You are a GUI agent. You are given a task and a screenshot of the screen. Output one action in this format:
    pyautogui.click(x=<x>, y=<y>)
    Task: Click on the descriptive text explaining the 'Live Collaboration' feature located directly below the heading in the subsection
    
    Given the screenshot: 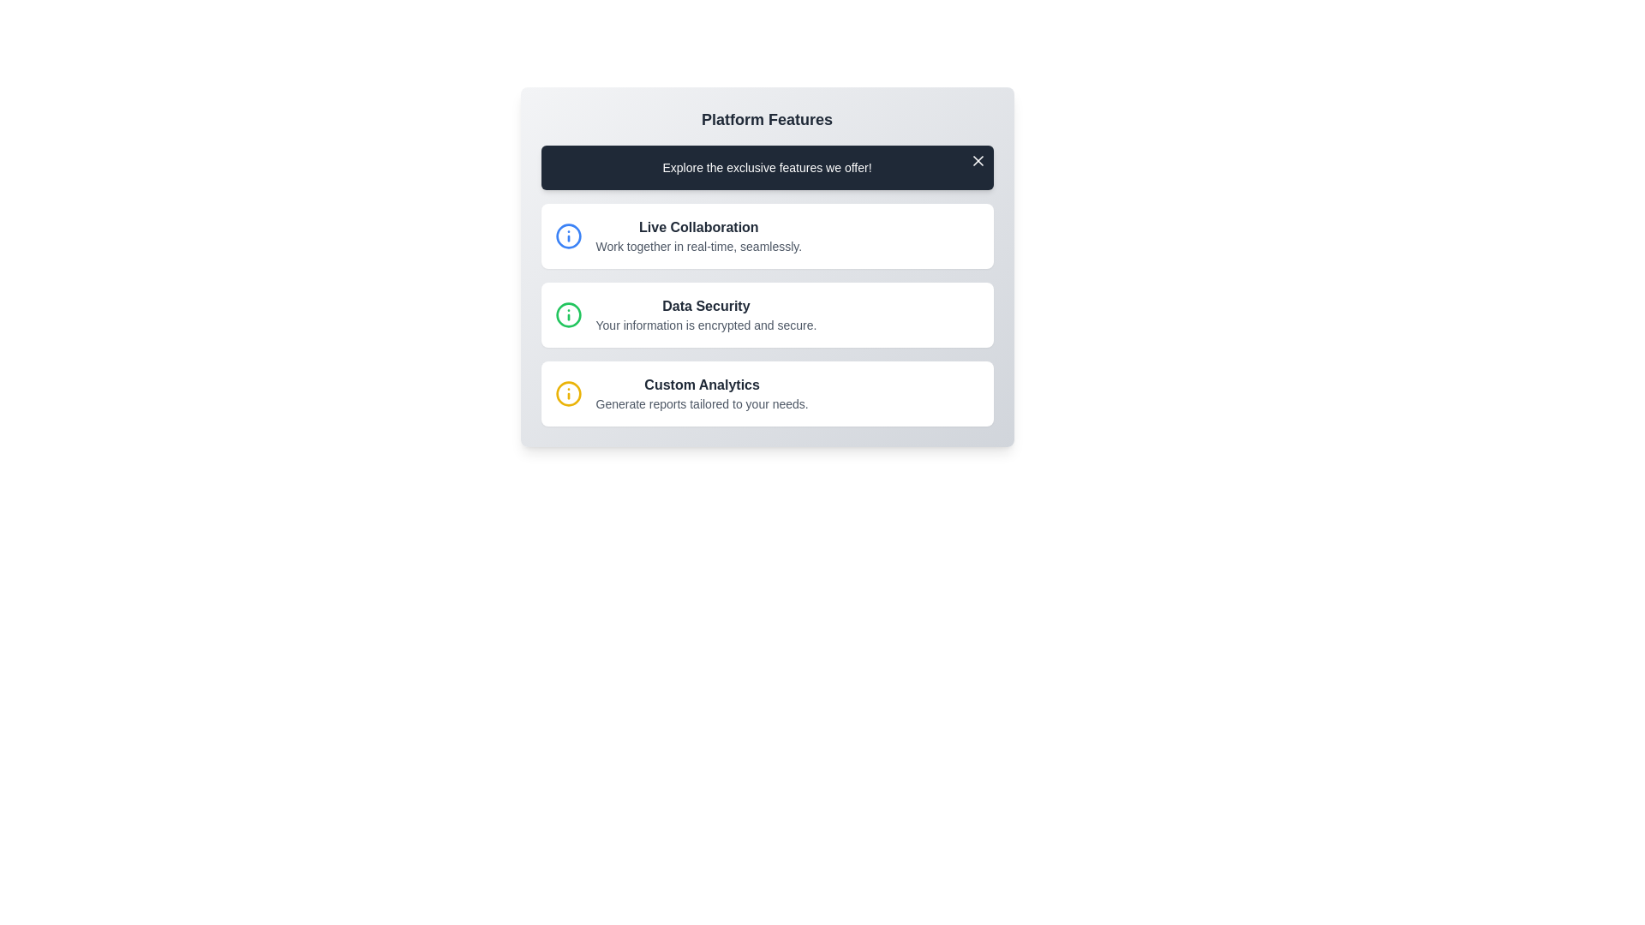 What is the action you would take?
    pyautogui.click(x=698, y=247)
    